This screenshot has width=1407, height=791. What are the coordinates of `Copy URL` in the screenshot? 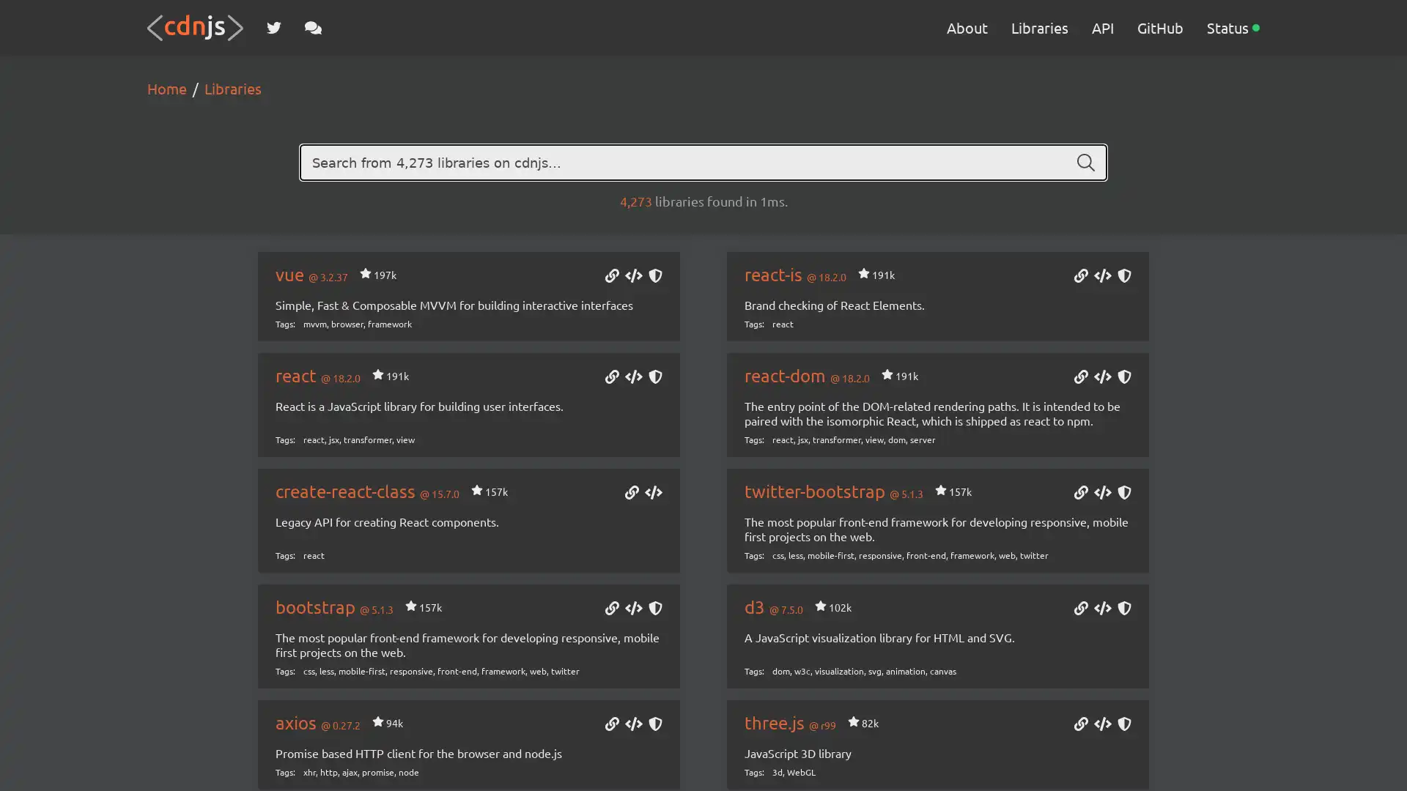 It's located at (611, 609).